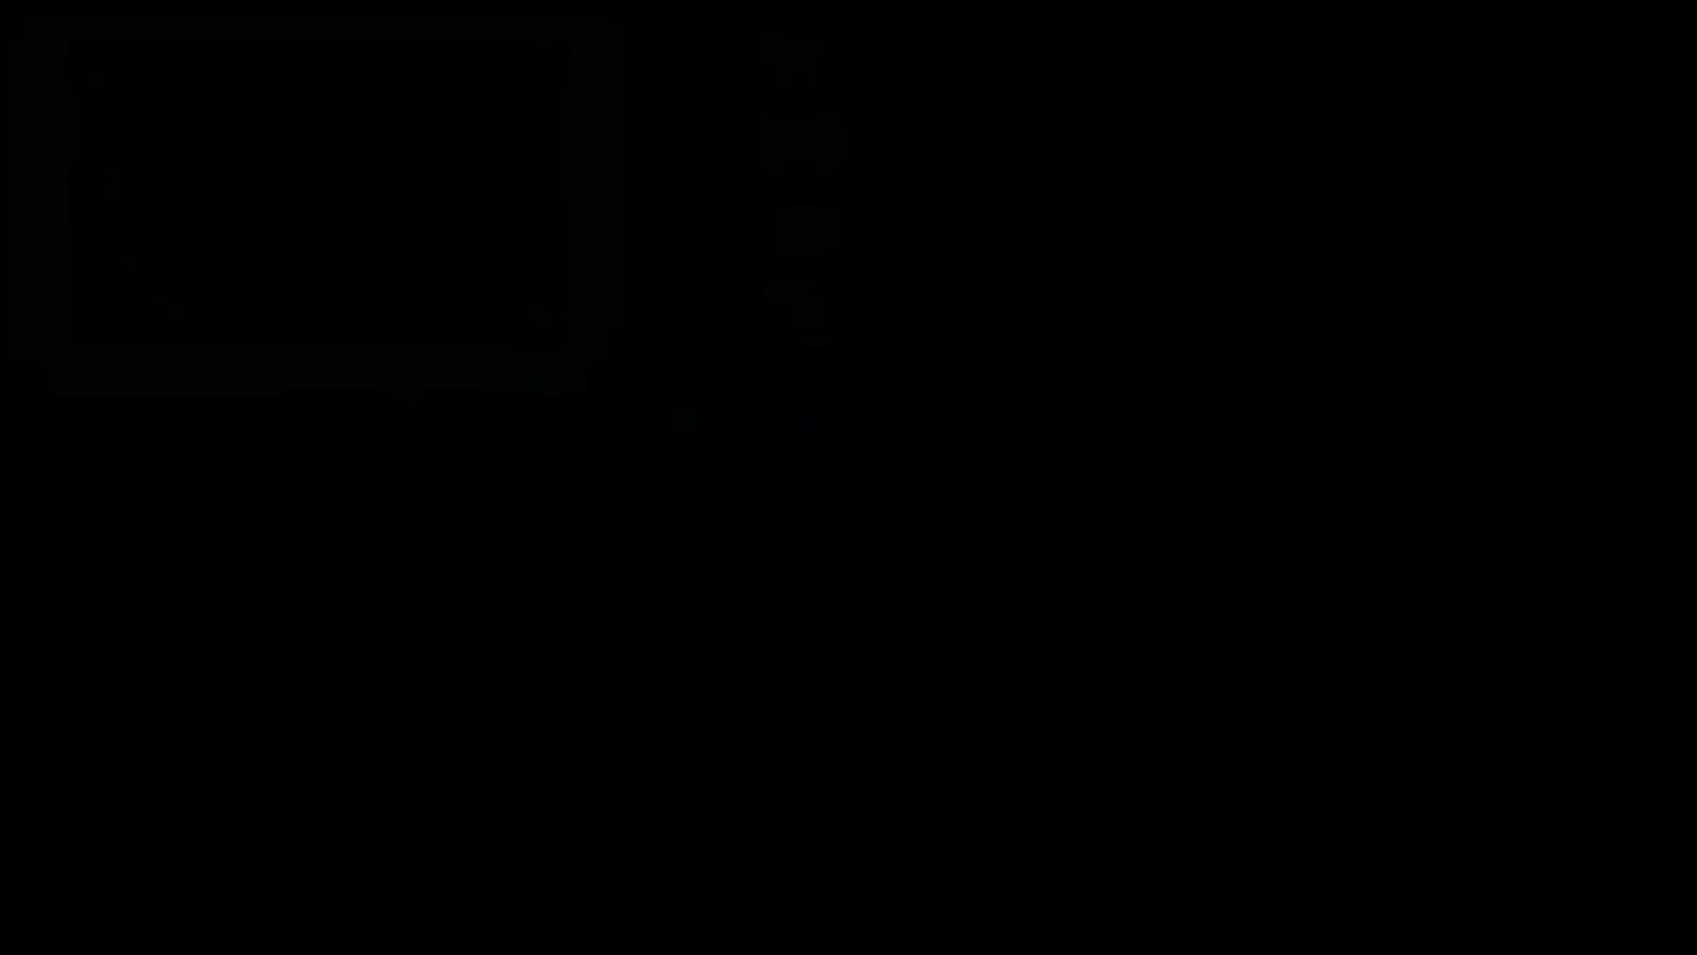 The height and width of the screenshot is (955, 1697). I want to click on CH, so click(682, 319).